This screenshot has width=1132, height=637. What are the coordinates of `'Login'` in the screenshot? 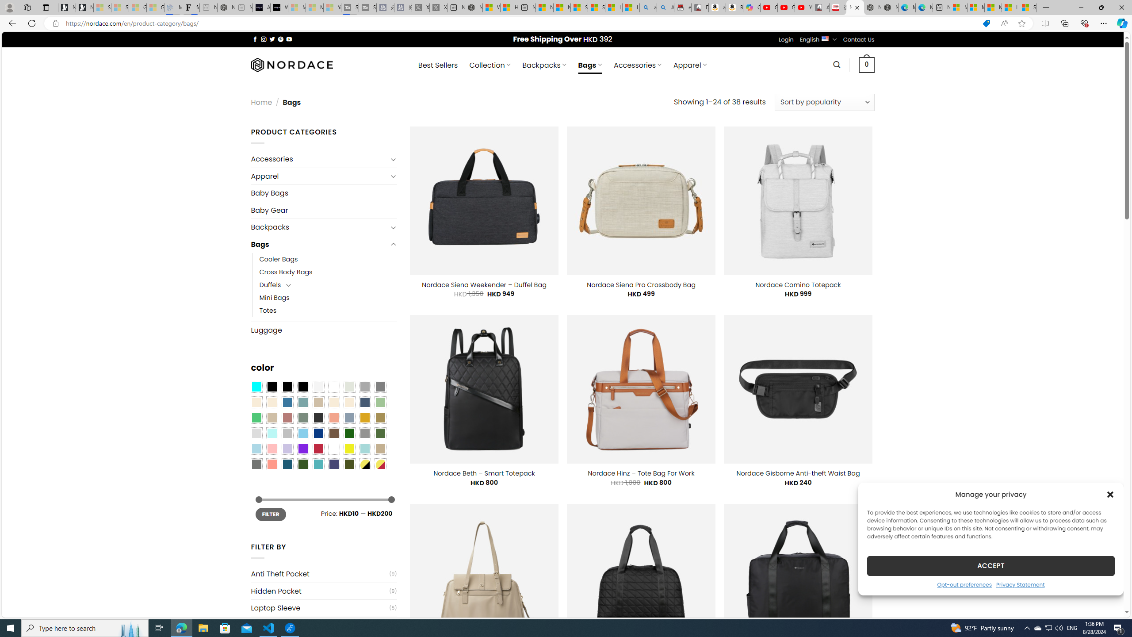 It's located at (786, 39).